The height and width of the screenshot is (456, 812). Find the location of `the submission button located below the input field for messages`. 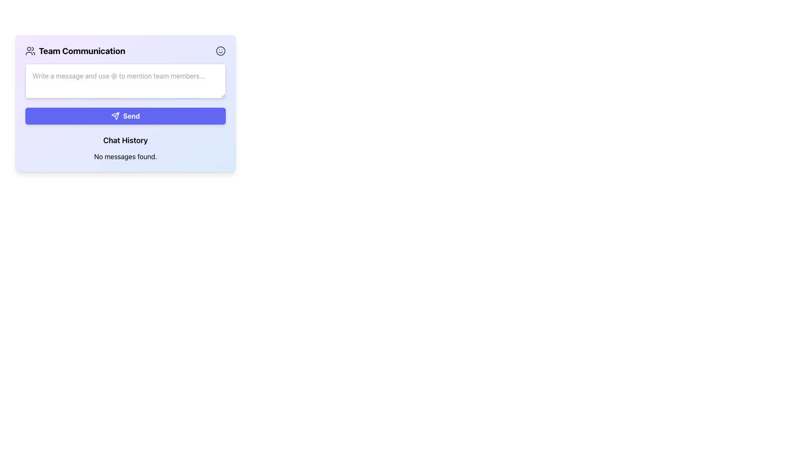

the submission button located below the input field for messages is located at coordinates (125, 116).